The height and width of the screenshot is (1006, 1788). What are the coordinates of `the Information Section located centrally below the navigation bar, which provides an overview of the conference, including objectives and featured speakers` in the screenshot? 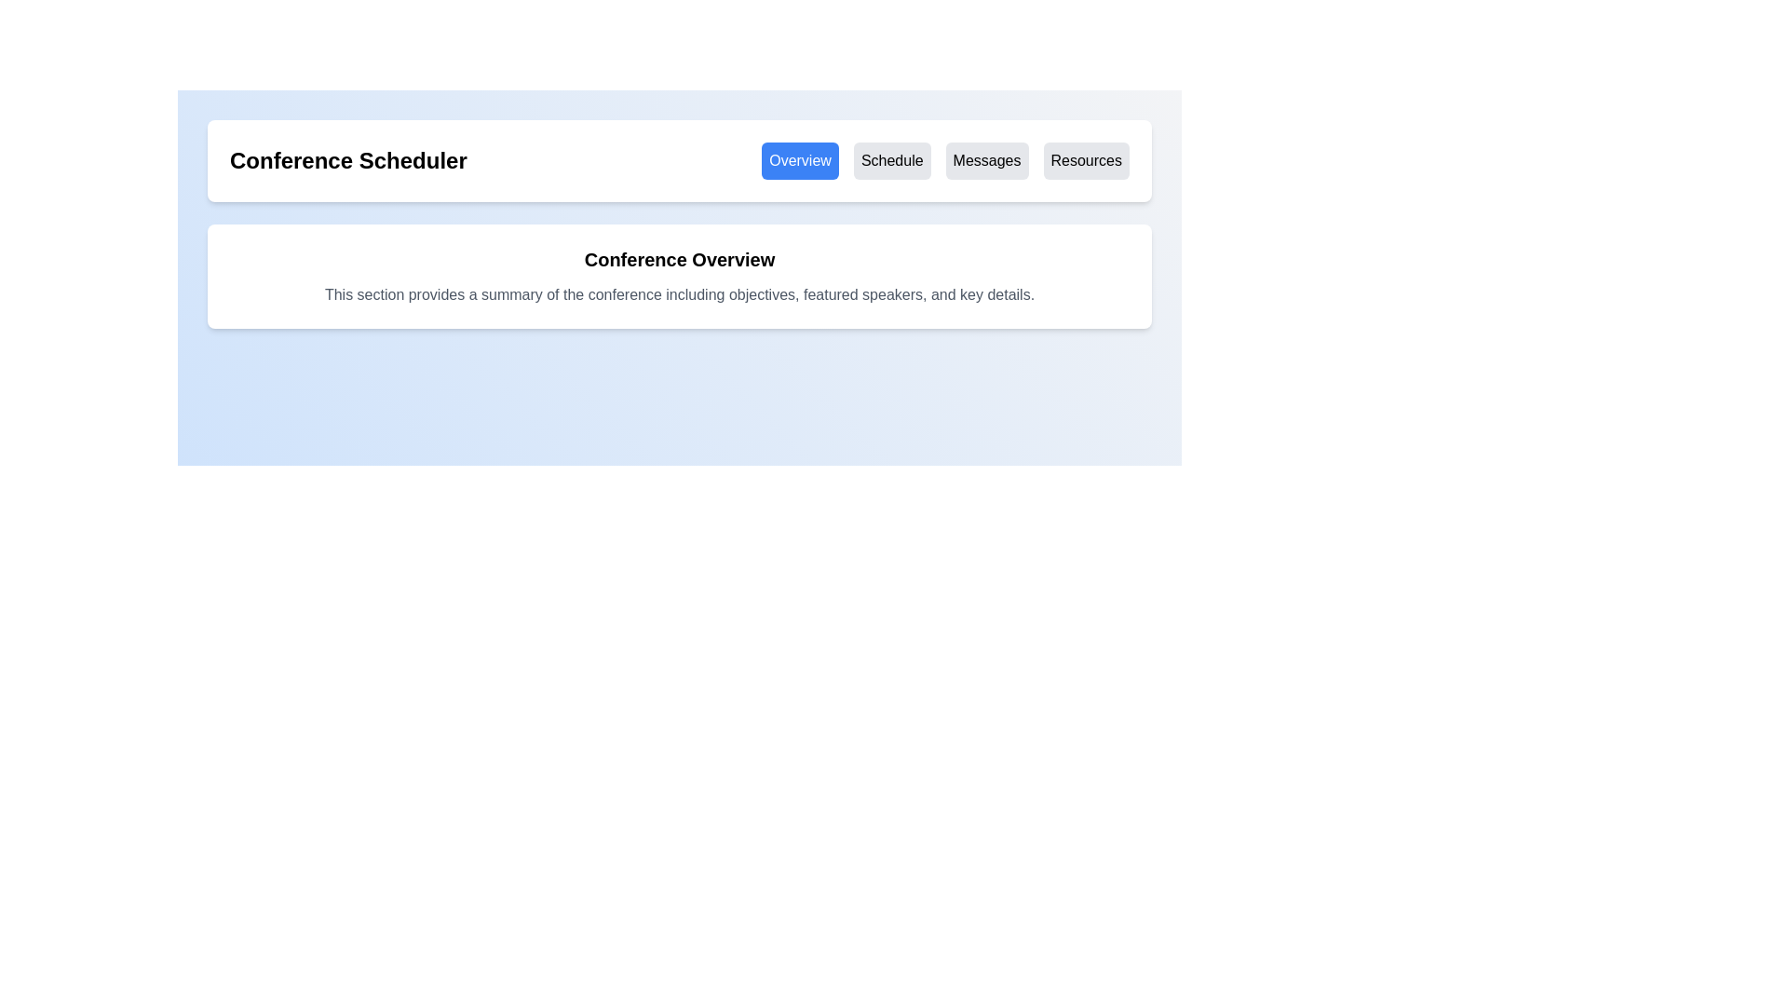 It's located at (678, 277).